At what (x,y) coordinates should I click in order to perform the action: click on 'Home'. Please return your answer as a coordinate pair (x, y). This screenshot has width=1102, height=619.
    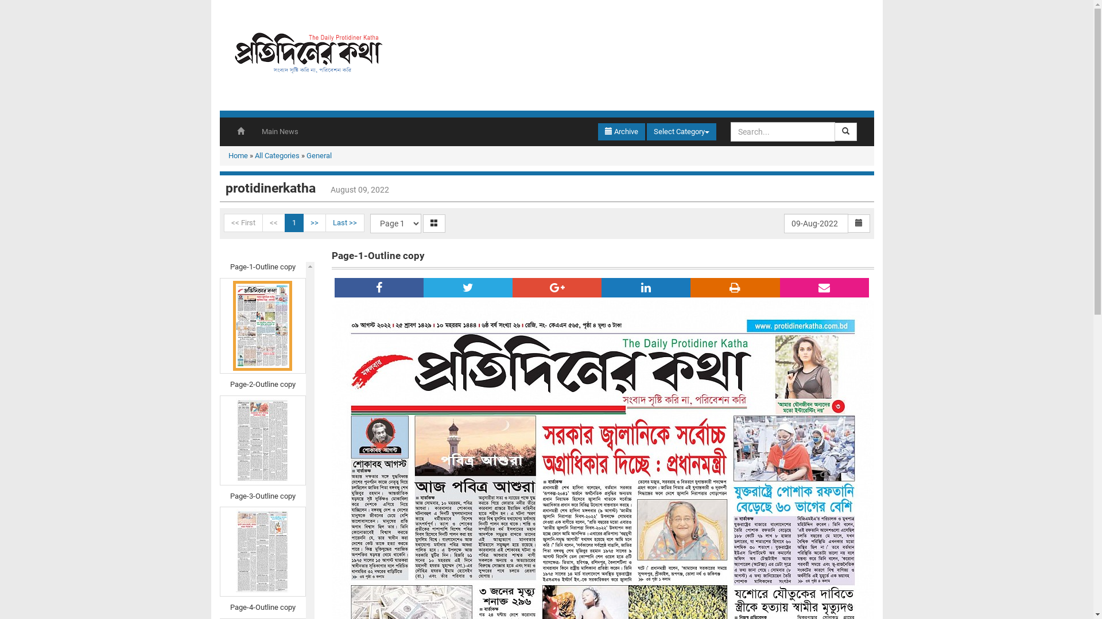
    Looking at the image, I should click on (237, 155).